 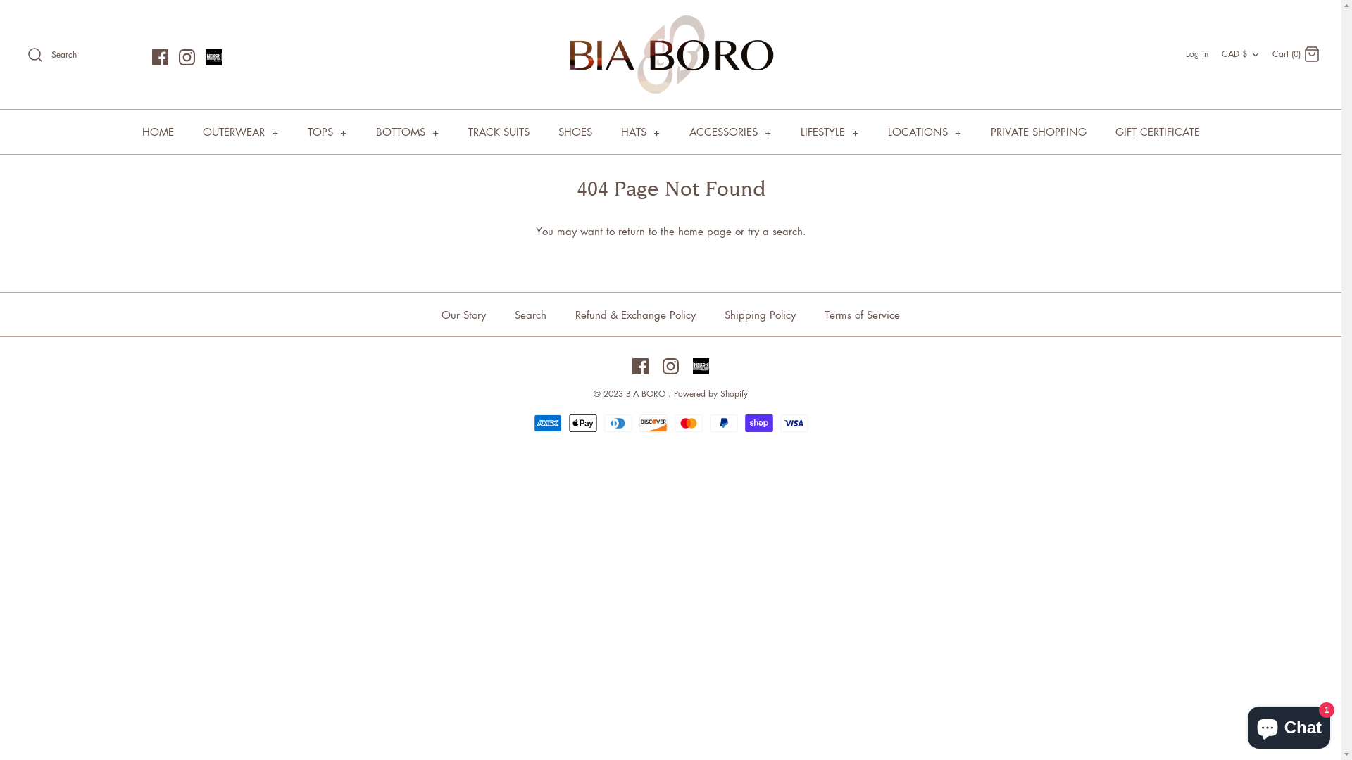 What do you see at coordinates (186, 56) in the screenshot?
I see `'Instagram'` at bounding box center [186, 56].